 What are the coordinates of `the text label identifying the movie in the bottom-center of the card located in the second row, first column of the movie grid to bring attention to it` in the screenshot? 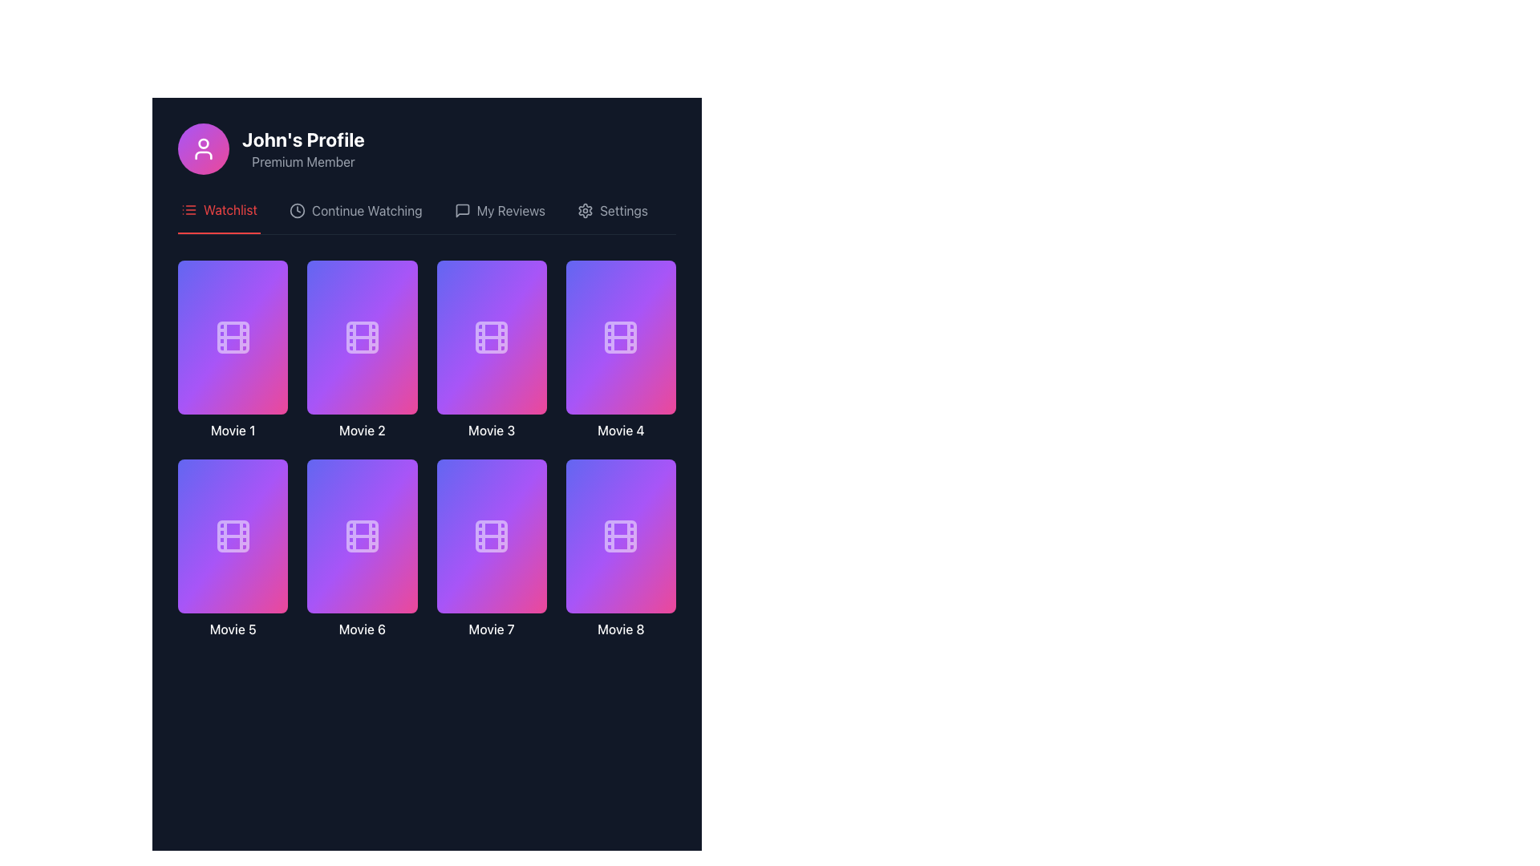 It's located at (491, 429).